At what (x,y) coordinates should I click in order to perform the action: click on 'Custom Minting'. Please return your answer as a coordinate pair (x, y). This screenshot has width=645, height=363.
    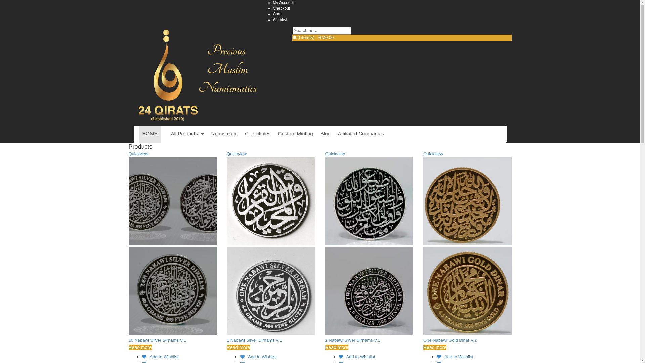
    Looking at the image, I should click on (274, 134).